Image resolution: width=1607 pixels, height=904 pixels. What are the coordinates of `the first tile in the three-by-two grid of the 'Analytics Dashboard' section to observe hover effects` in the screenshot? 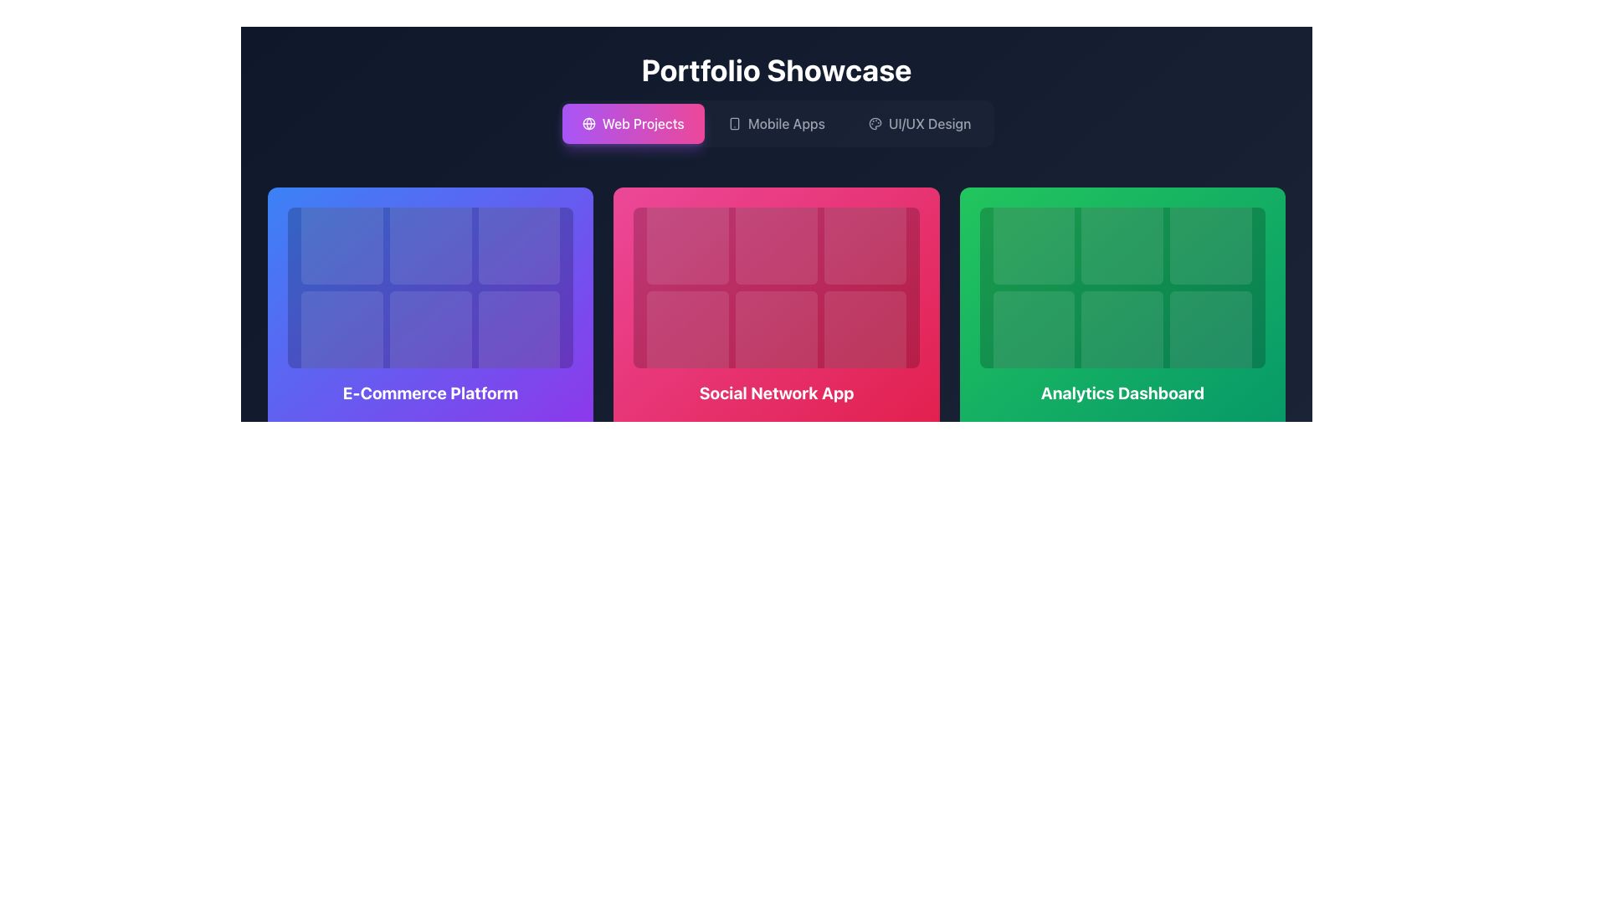 It's located at (1033, 244).